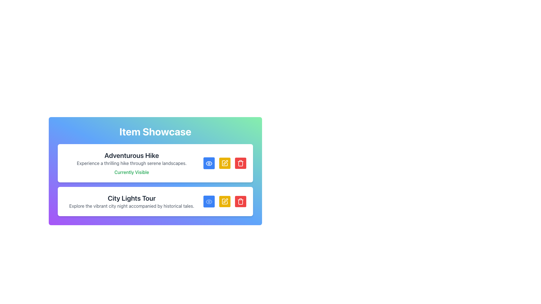  I want to click on bold text label 'City Lights Tour' located in the lower card section above the descriptive text, so click(131, 198).